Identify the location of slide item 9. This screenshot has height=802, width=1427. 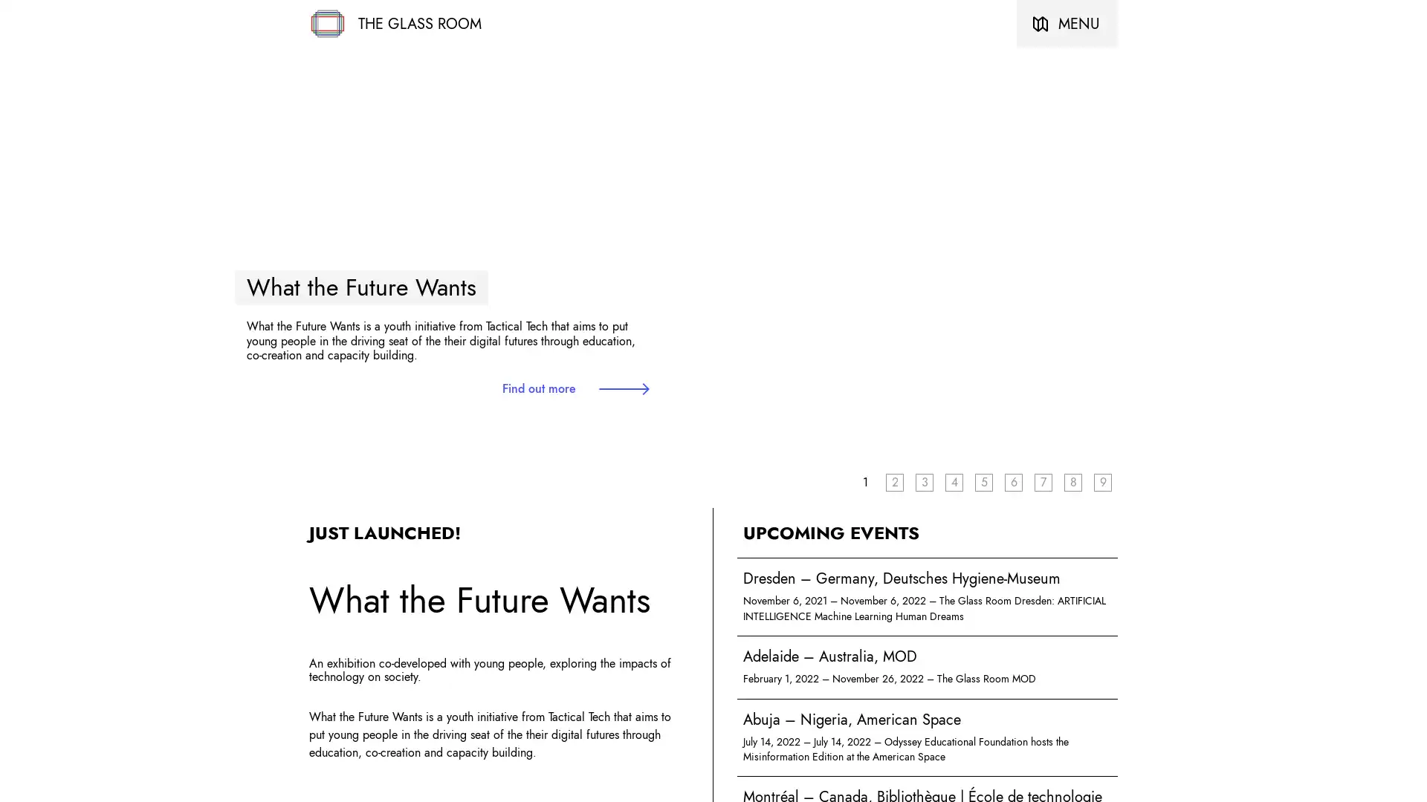
(1102, 481).